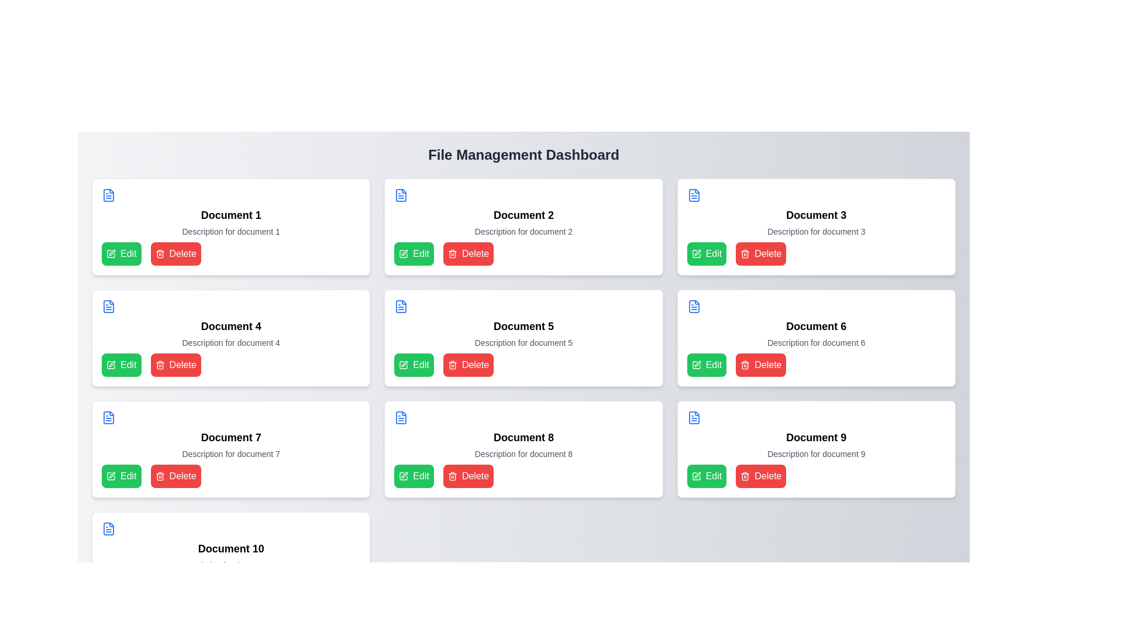 This screenshot has width=1123, height=632. Describe the element at coordinates (121, 476) in the screenshot. I see `the green 'Edit' button with white text and a pen icon on the left side, located in the 'Document 7' card component` at that location.